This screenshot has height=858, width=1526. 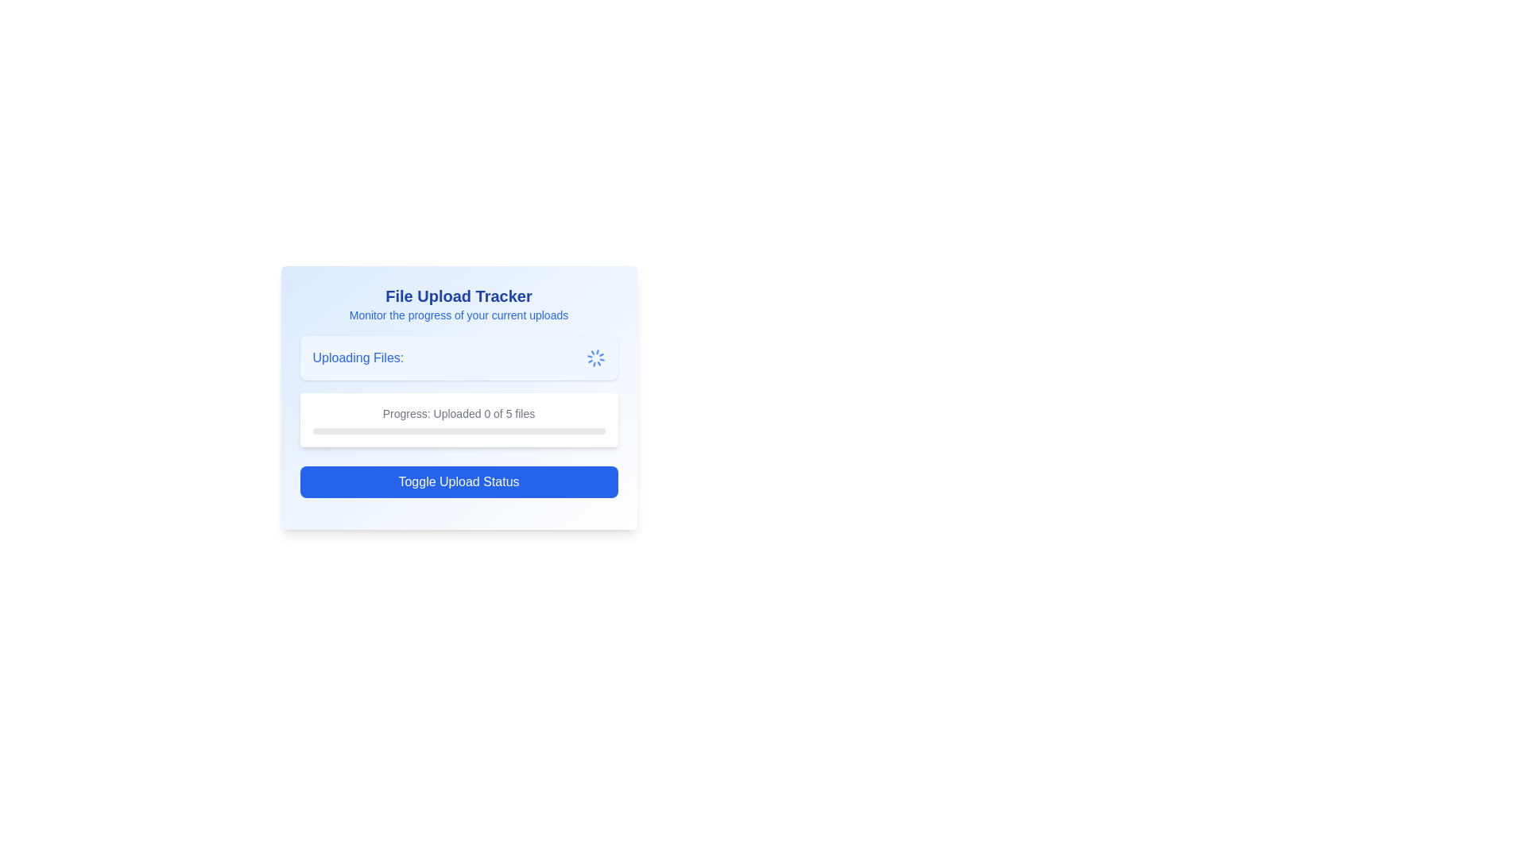 I want to click on the static text element which serves as the title for the file upload tracking widget, positioned centrally above the subtitle, so click(x=458, y=296).